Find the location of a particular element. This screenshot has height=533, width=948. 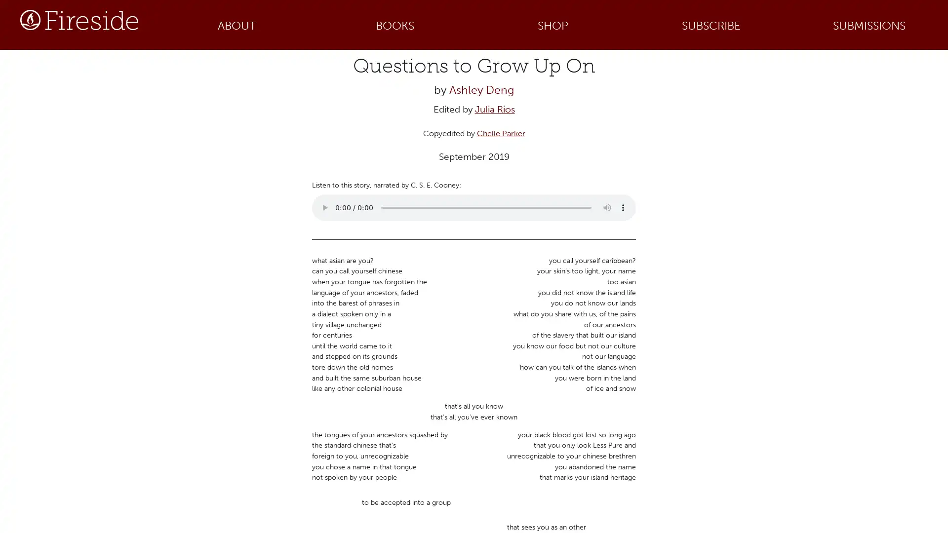

show more media controls is located at coordinates (623, 207).